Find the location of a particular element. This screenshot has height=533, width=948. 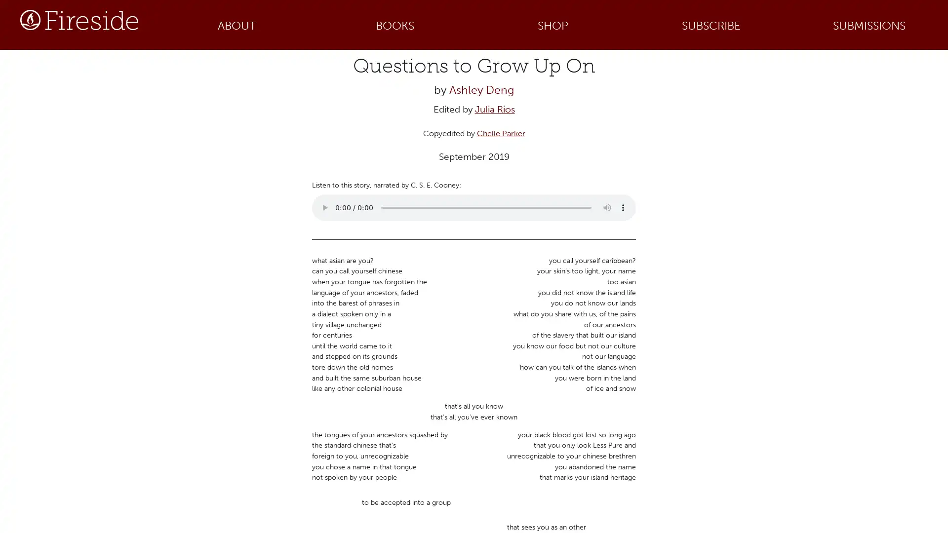

show more media controls is located at coordinates (623, 207).